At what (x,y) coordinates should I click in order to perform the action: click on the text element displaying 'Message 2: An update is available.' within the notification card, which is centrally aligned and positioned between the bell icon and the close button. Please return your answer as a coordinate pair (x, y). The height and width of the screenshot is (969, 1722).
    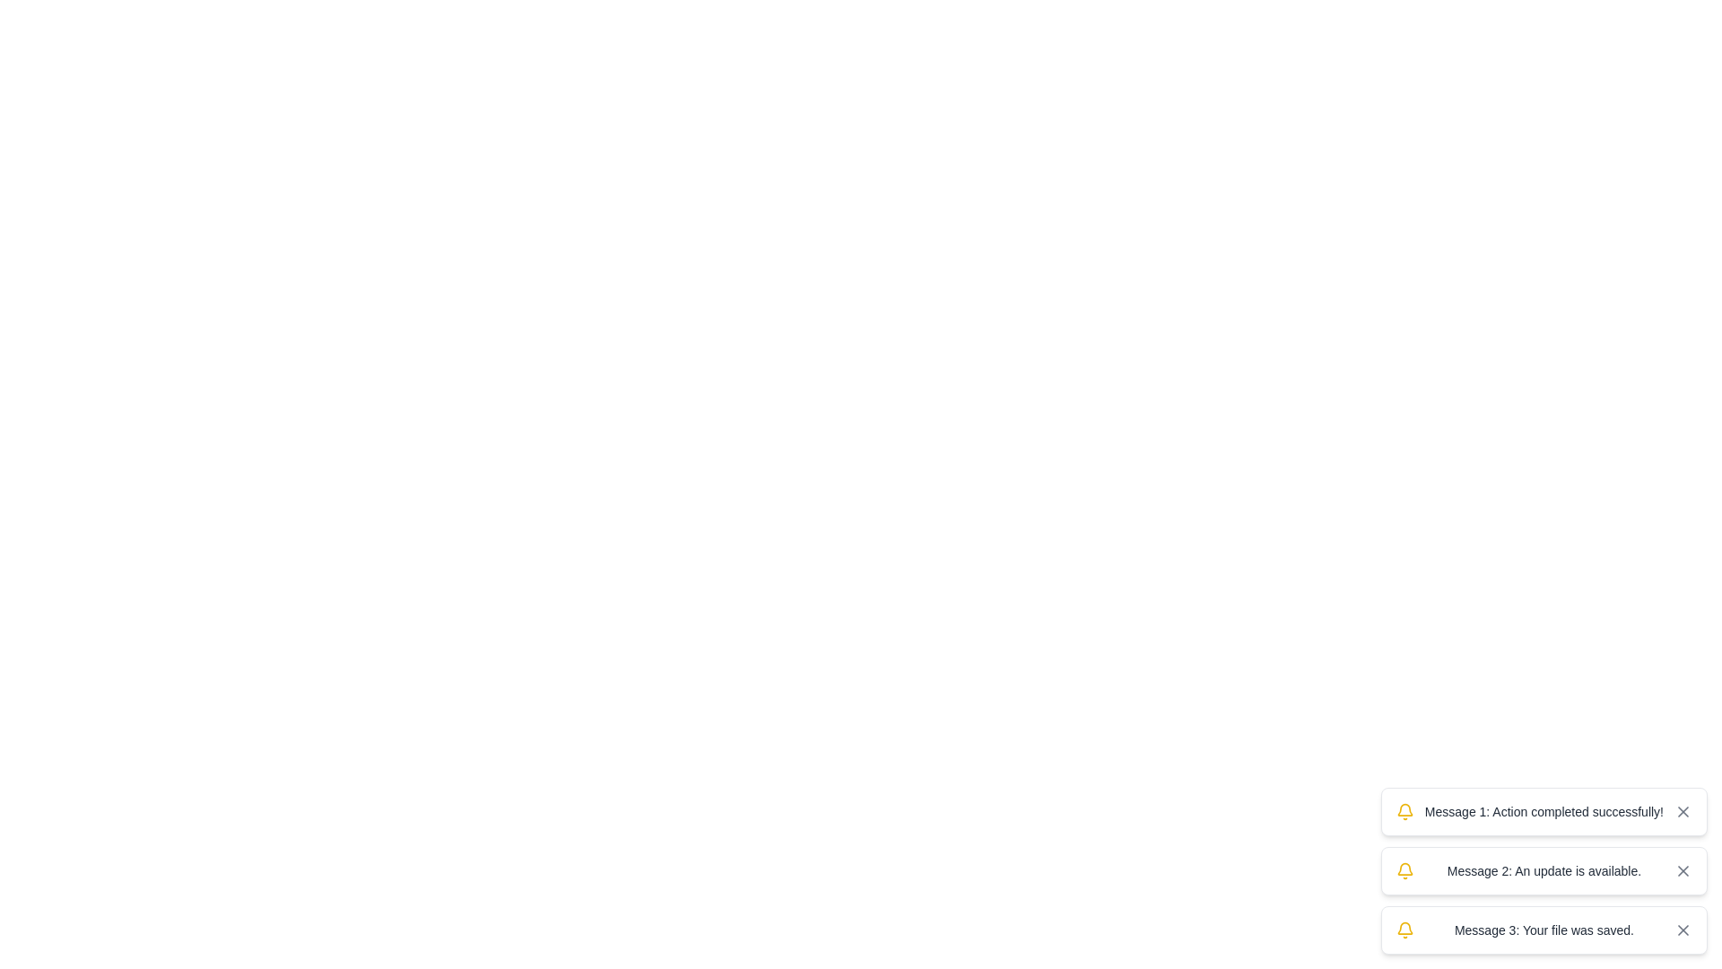
    Looking at the image, I should click on (1543, 870).